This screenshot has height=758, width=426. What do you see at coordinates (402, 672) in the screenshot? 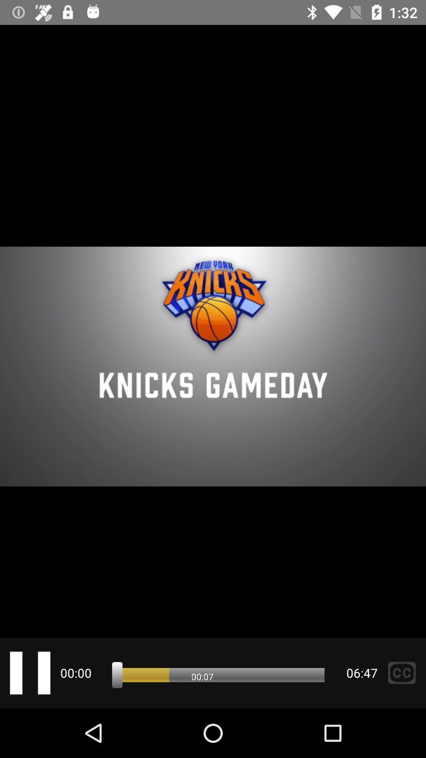
I see `the sliders icon` at bounding box center [402, 672].